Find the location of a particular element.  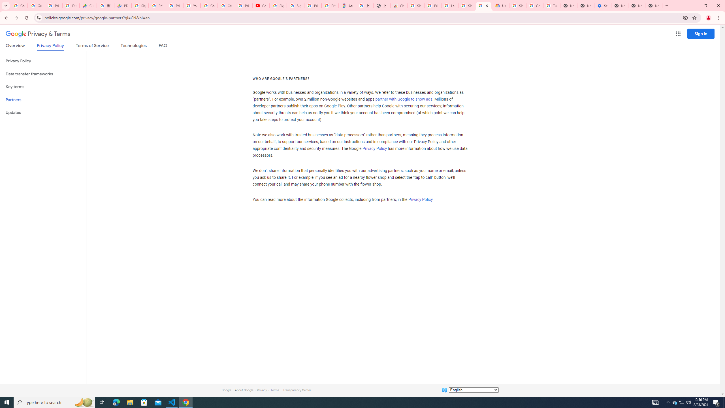

'PDD Holdings Inc - ADR (PDD) Price & News - Google Finance' is located at coordinates (122, 5).